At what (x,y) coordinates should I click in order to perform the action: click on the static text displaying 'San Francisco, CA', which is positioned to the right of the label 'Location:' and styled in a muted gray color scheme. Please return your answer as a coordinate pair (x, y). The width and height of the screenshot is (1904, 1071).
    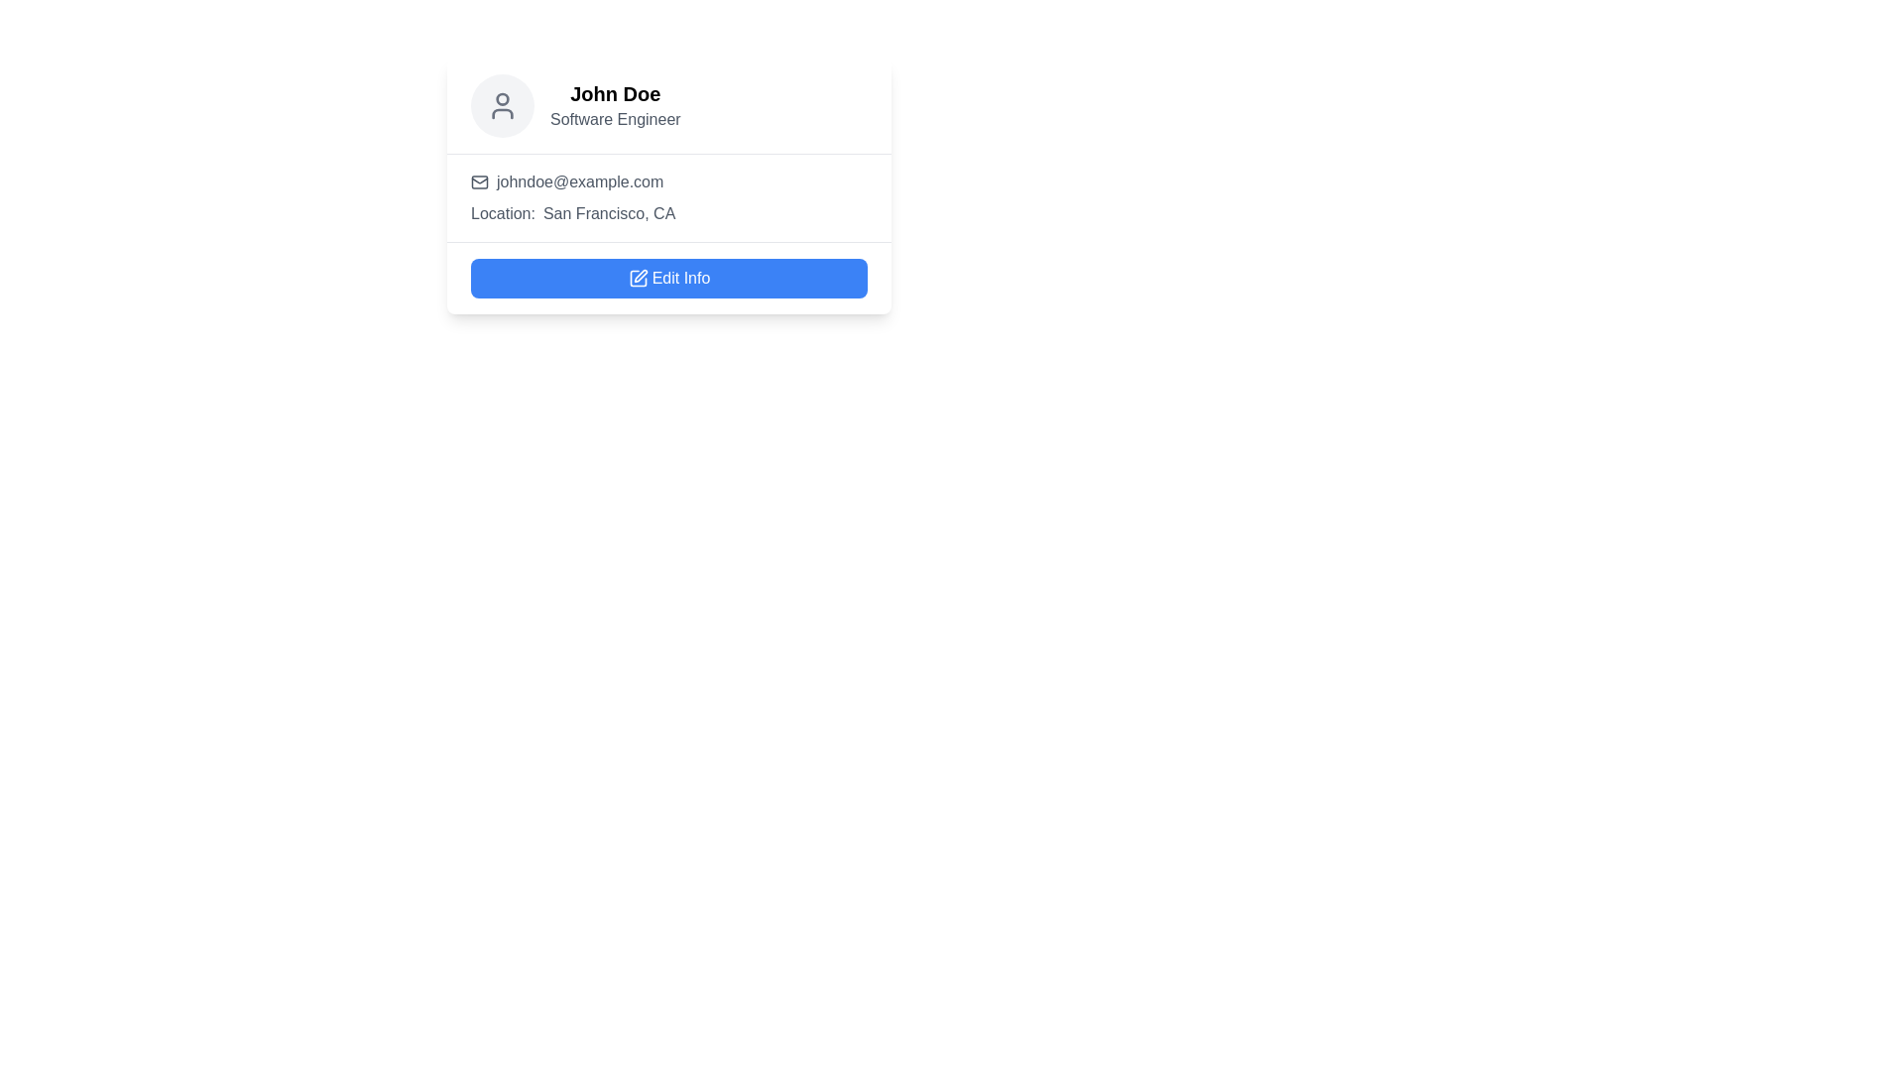
    Looking at the image, I should click on (608, 214).